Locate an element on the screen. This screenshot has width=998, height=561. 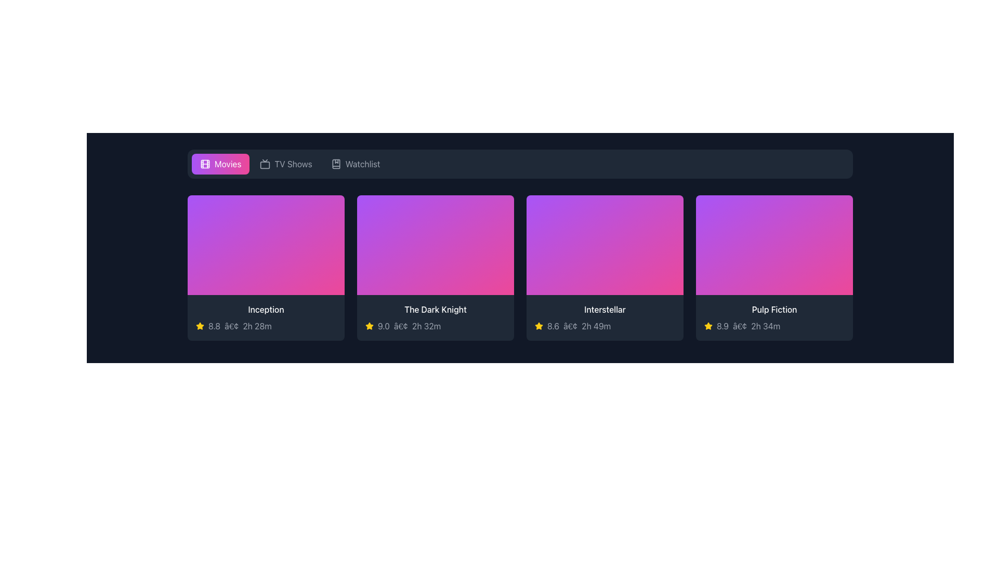
the non-interactive text label displaying the rating score for the movie 'The Dark Knight', which is located in the second card of a horizontally aligned list, between the star icon and the bullet symbol is located at coordinates (383, 326).